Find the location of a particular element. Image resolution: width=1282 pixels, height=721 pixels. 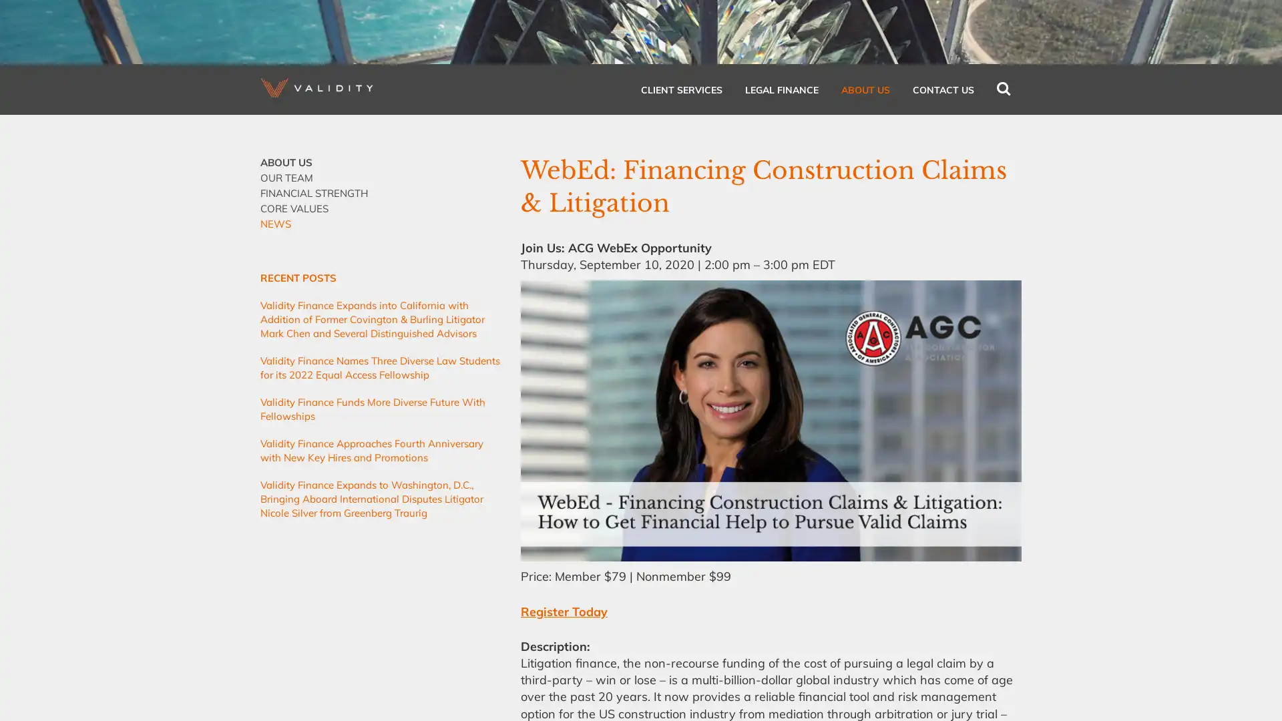

Download Now is located at coordinates (682, 290).